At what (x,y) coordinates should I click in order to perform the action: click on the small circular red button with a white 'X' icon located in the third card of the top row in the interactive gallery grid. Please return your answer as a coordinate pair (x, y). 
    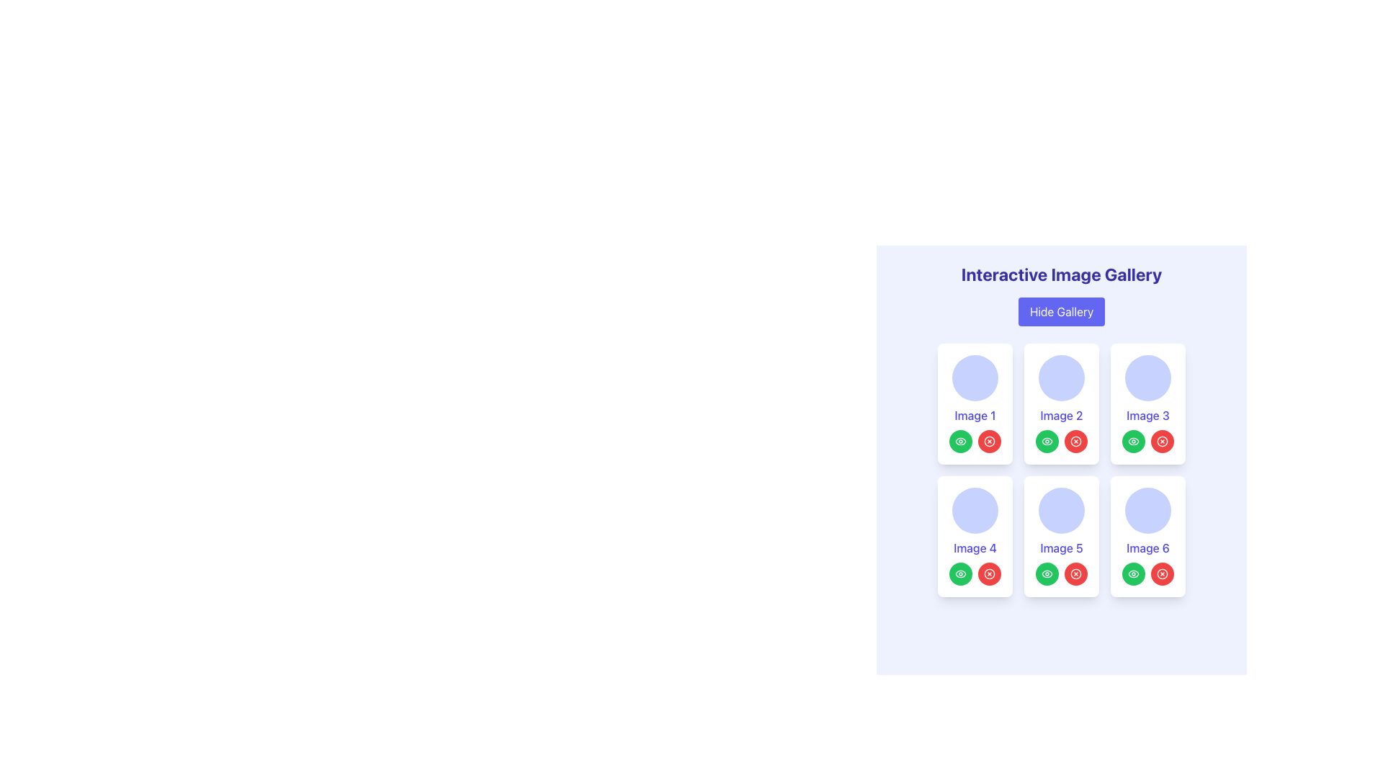
    Looking at the image, I should click on (1162, 441).